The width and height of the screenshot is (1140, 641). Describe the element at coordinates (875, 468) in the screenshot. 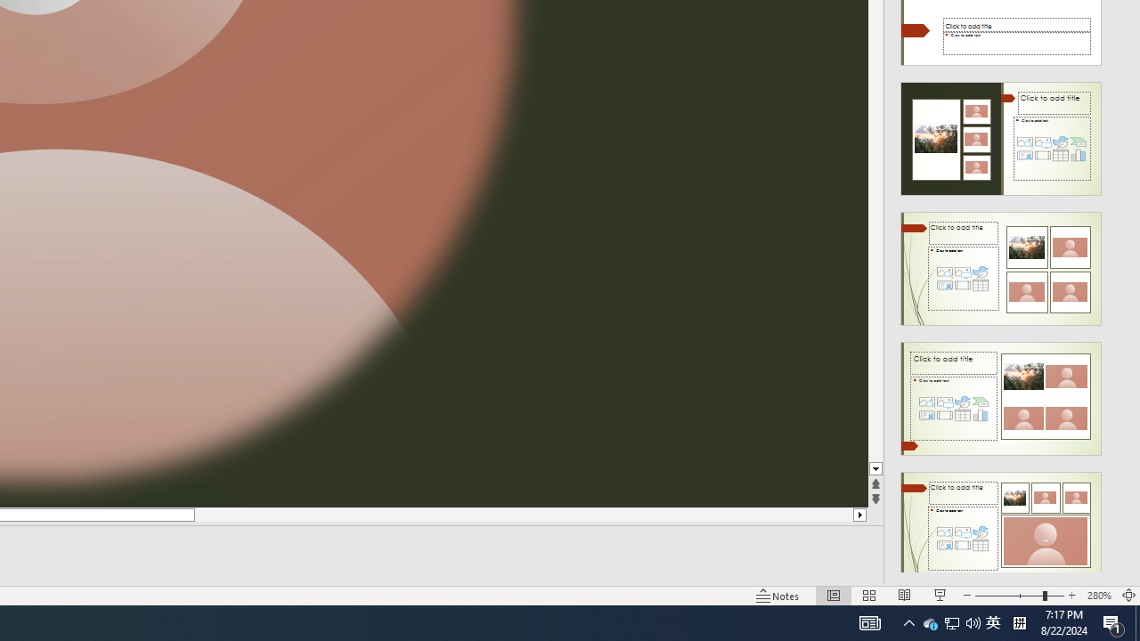

I see `'Line down'` at that location.